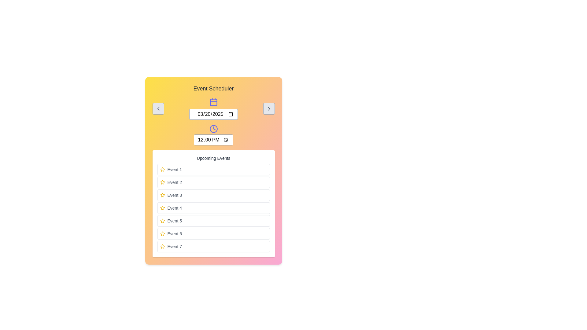 The width and height of the screenshot is (587, 330). Describe the element at coordinates (162, 246) in the screenshot. I see `the star icon located at the far left of 'Event 7' to favorite or unfavorite the event` at that location.